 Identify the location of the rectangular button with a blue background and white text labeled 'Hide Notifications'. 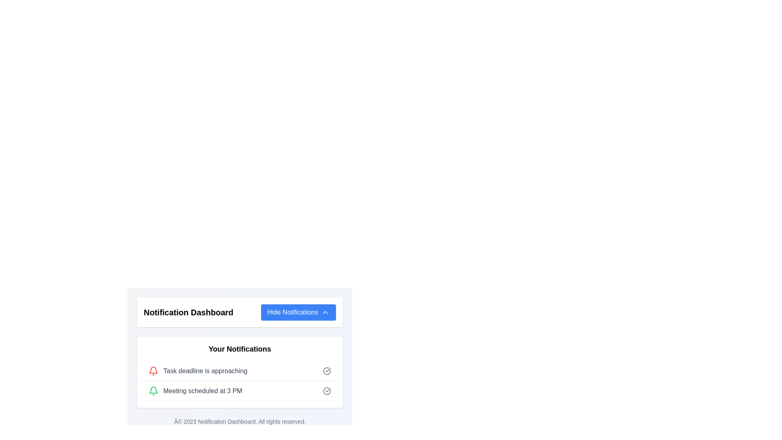
(298, 312).